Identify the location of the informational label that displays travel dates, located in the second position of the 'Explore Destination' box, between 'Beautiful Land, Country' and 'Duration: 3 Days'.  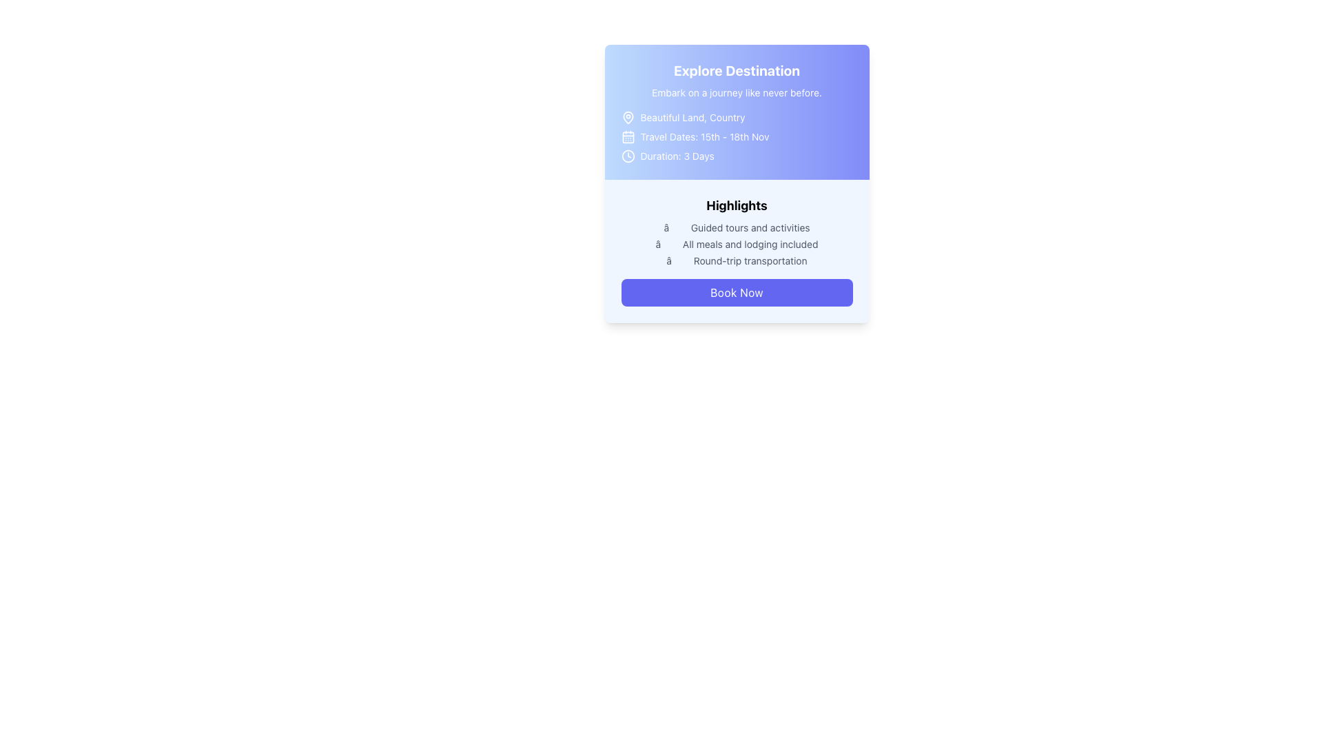
(736, 137).